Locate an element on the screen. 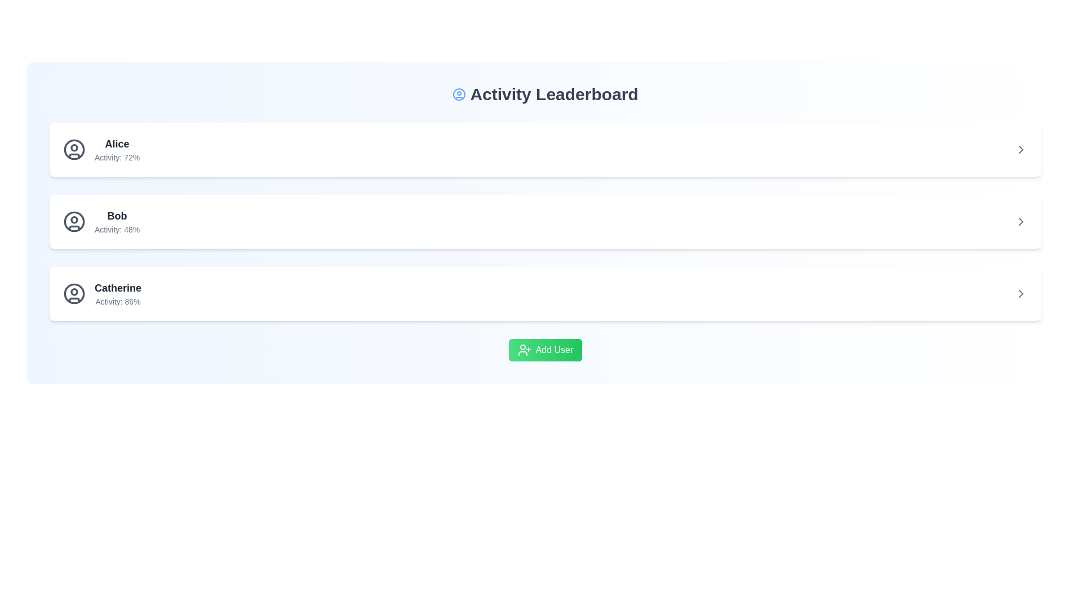 The height and width of the screenshot is (608, 1082). the profile card that displays the user's name and activity percentage, located as the third item in the 'Activity Leaderboard' list is located at coordinates (102, 293).